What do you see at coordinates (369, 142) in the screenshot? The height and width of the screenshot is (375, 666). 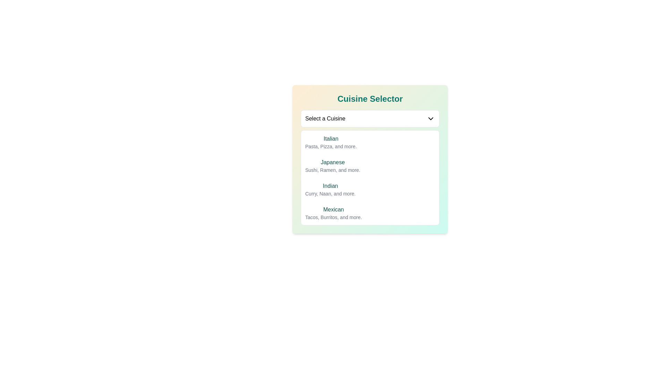 I see `the first list item representing the Italian cuisine category in the 'Cuisine Selector'` at bounding box center [369, 142].